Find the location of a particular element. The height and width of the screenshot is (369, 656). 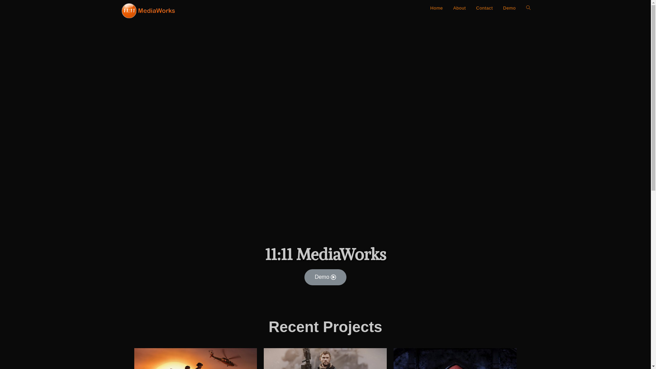

'Demo' is located at coordinates (325, 277).